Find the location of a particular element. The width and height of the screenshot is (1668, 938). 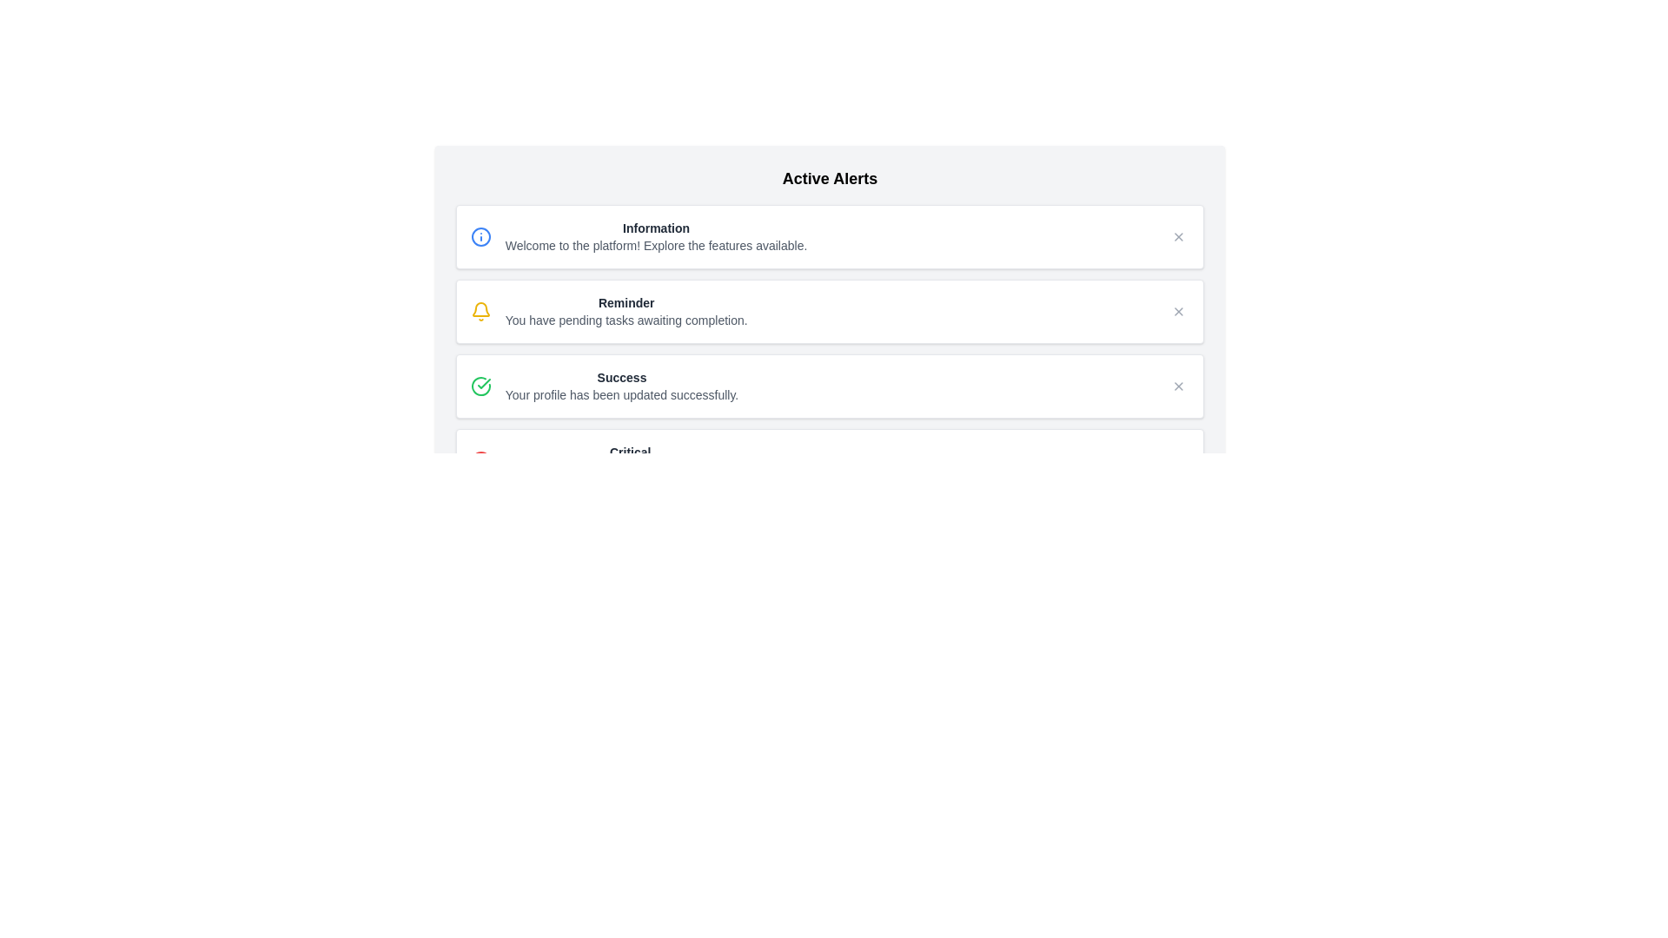

the critical alert icon located at the left edge of the notification card labeled 'Critical' is located at coordinates (480, 460).